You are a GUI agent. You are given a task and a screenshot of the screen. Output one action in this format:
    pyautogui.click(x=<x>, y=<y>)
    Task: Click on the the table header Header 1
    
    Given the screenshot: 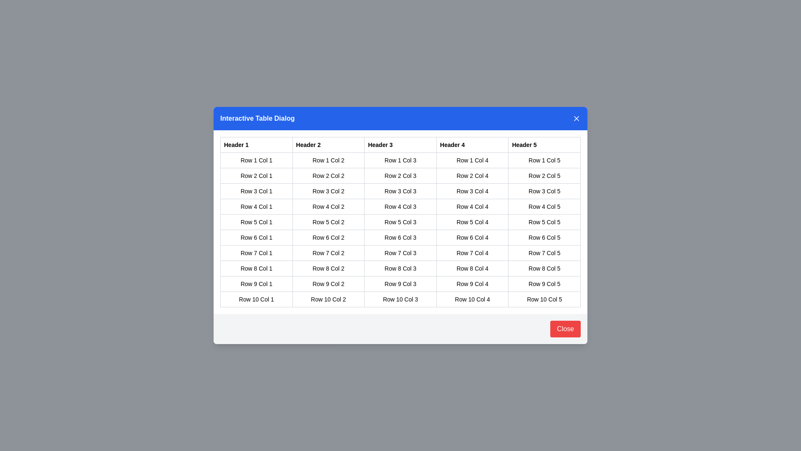 What is the action you would take?
    pyautogui.click(x=256, y=144)
    